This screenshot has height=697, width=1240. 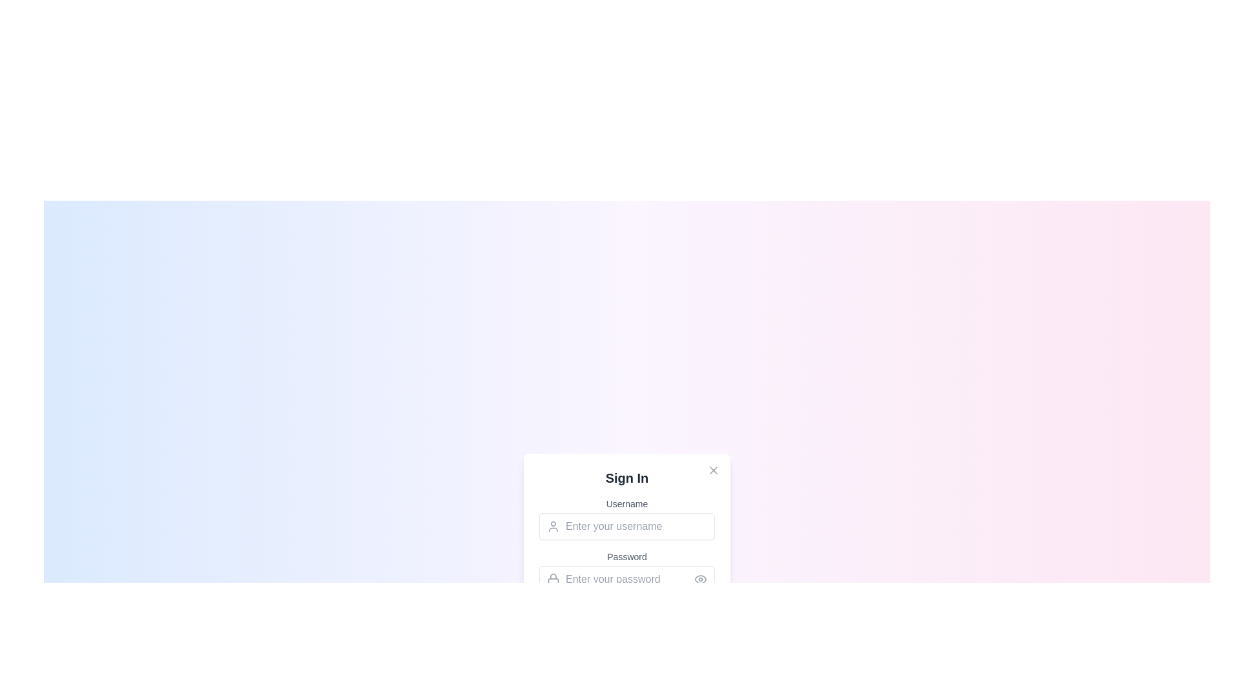 I want to click on the close button located in the top-right corner of the sign-in card, so click(x=712, y=470).